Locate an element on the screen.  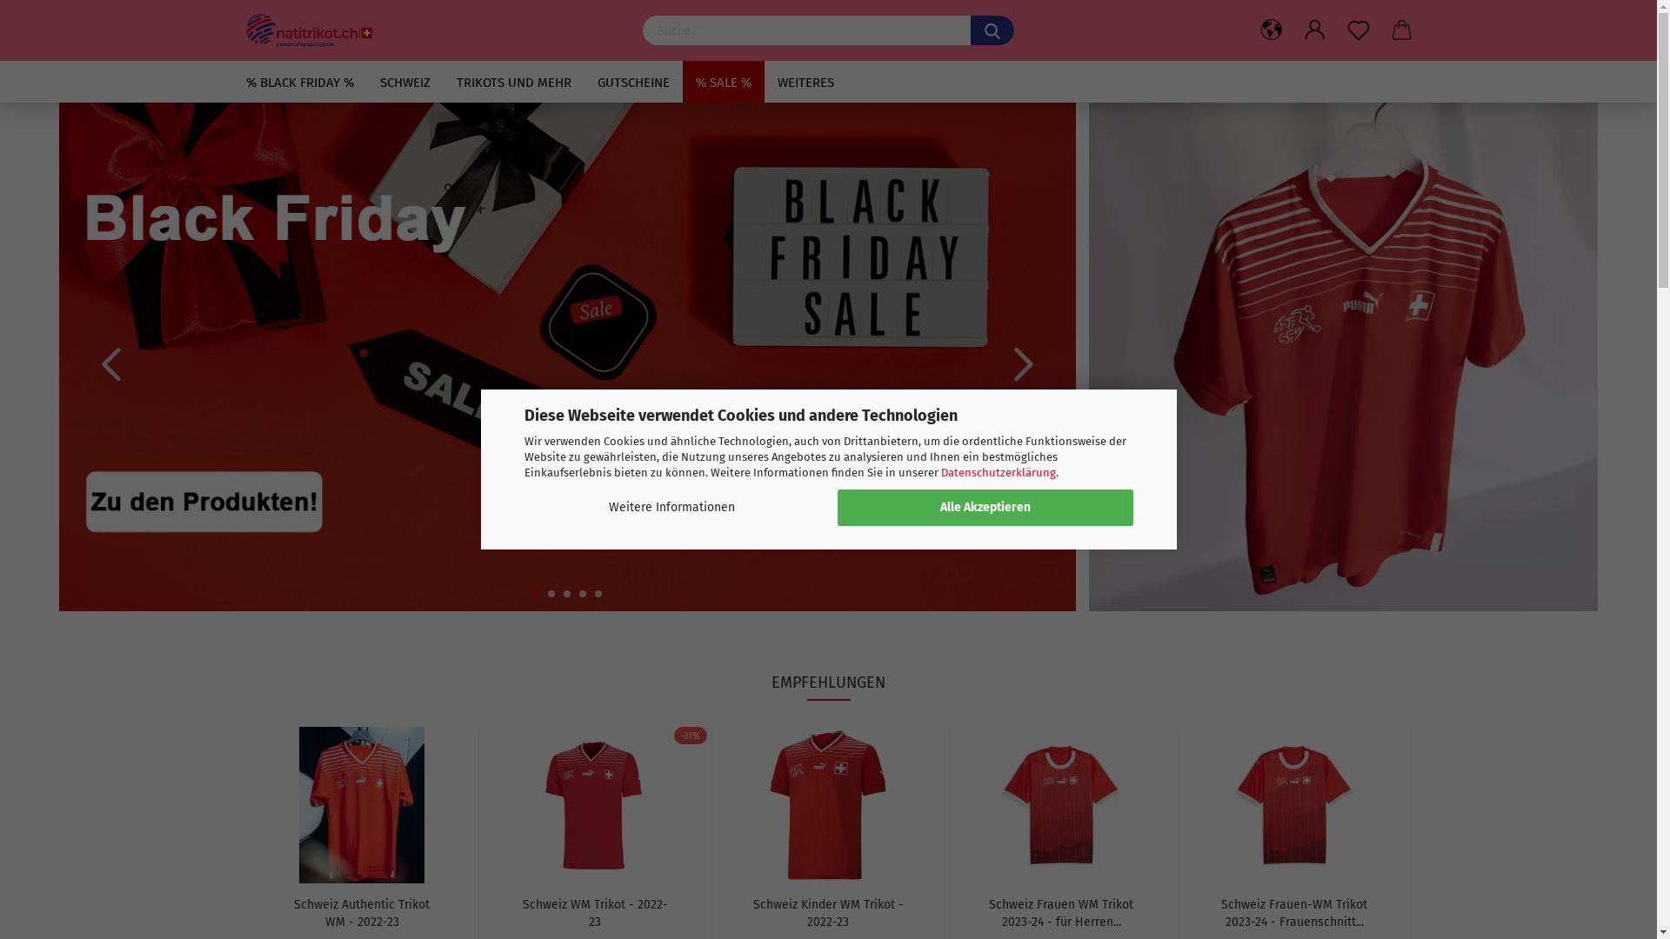
'% BLACK FRIDAY %' is located at coordinates (300, 81).